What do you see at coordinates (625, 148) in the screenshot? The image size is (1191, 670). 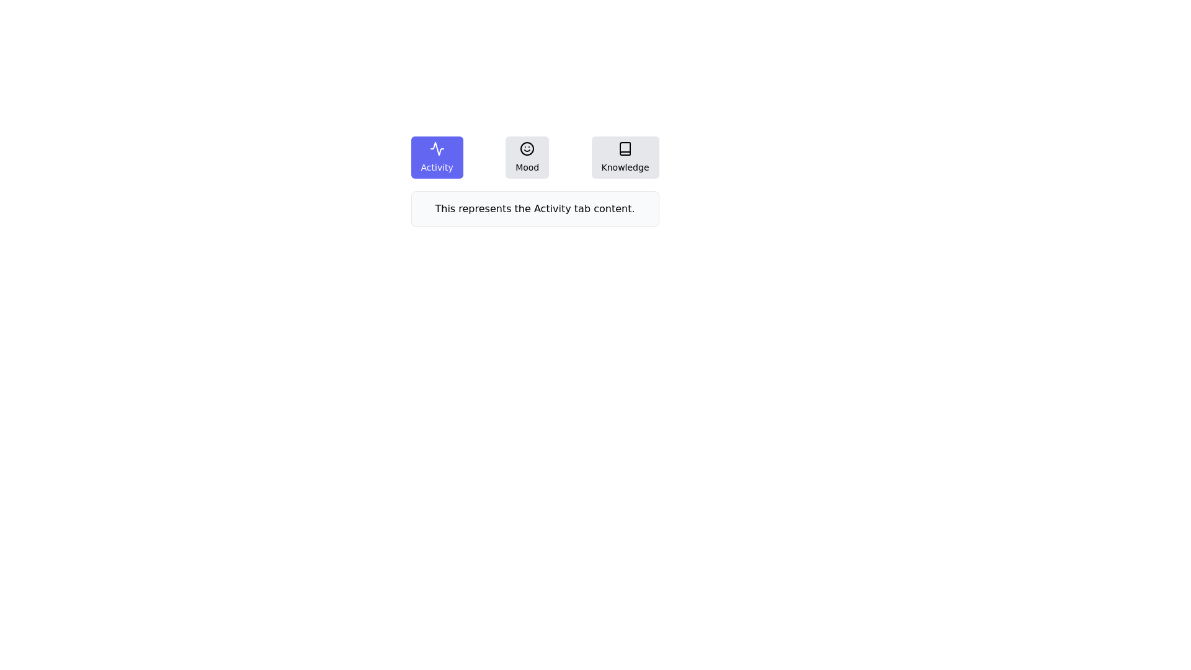 I see `the appearance of the 'Knowledge' tab icon, which is the third icon in a horizontal layout at the top of the interface, visually associated with content navigation` at bounding box center [625, 148].